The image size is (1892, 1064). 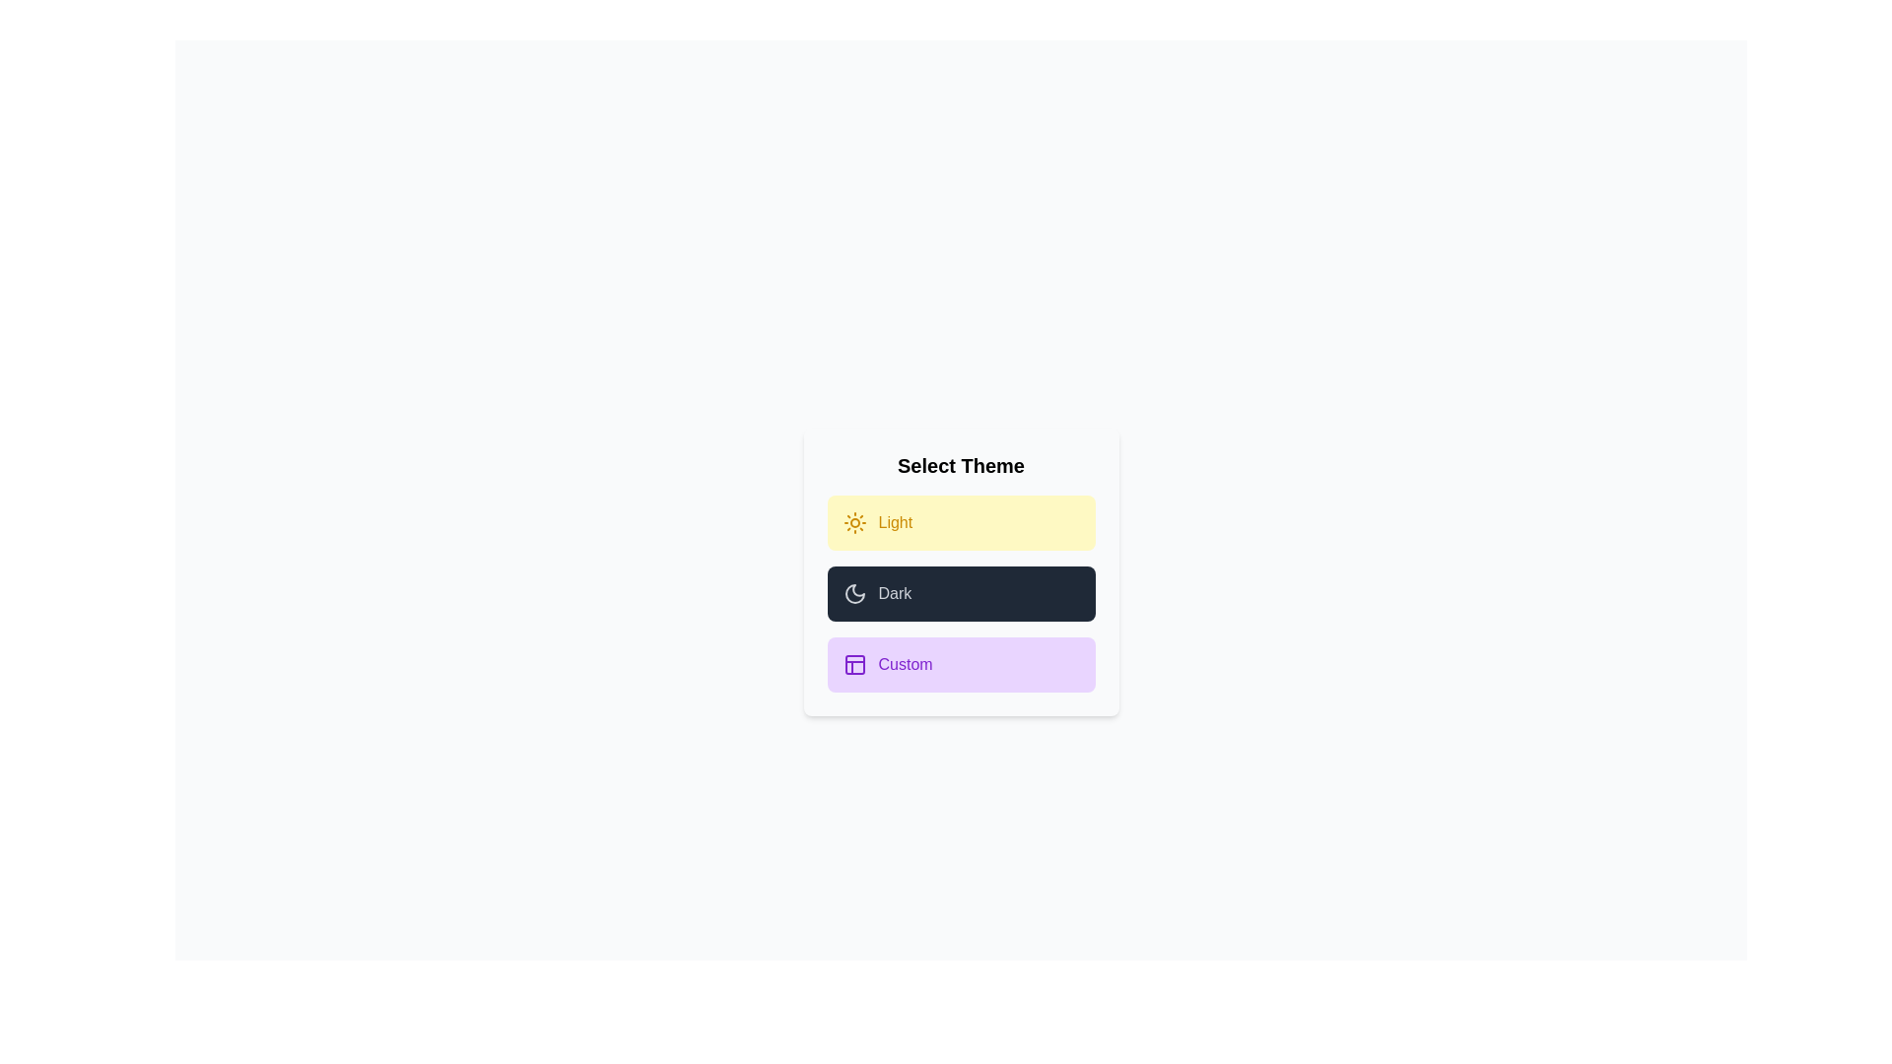 I want to click on the crescent moon icon located inside the dark-themed option of the theme selection interface, which is near the label 'Dark', so click(x=854, y=592).